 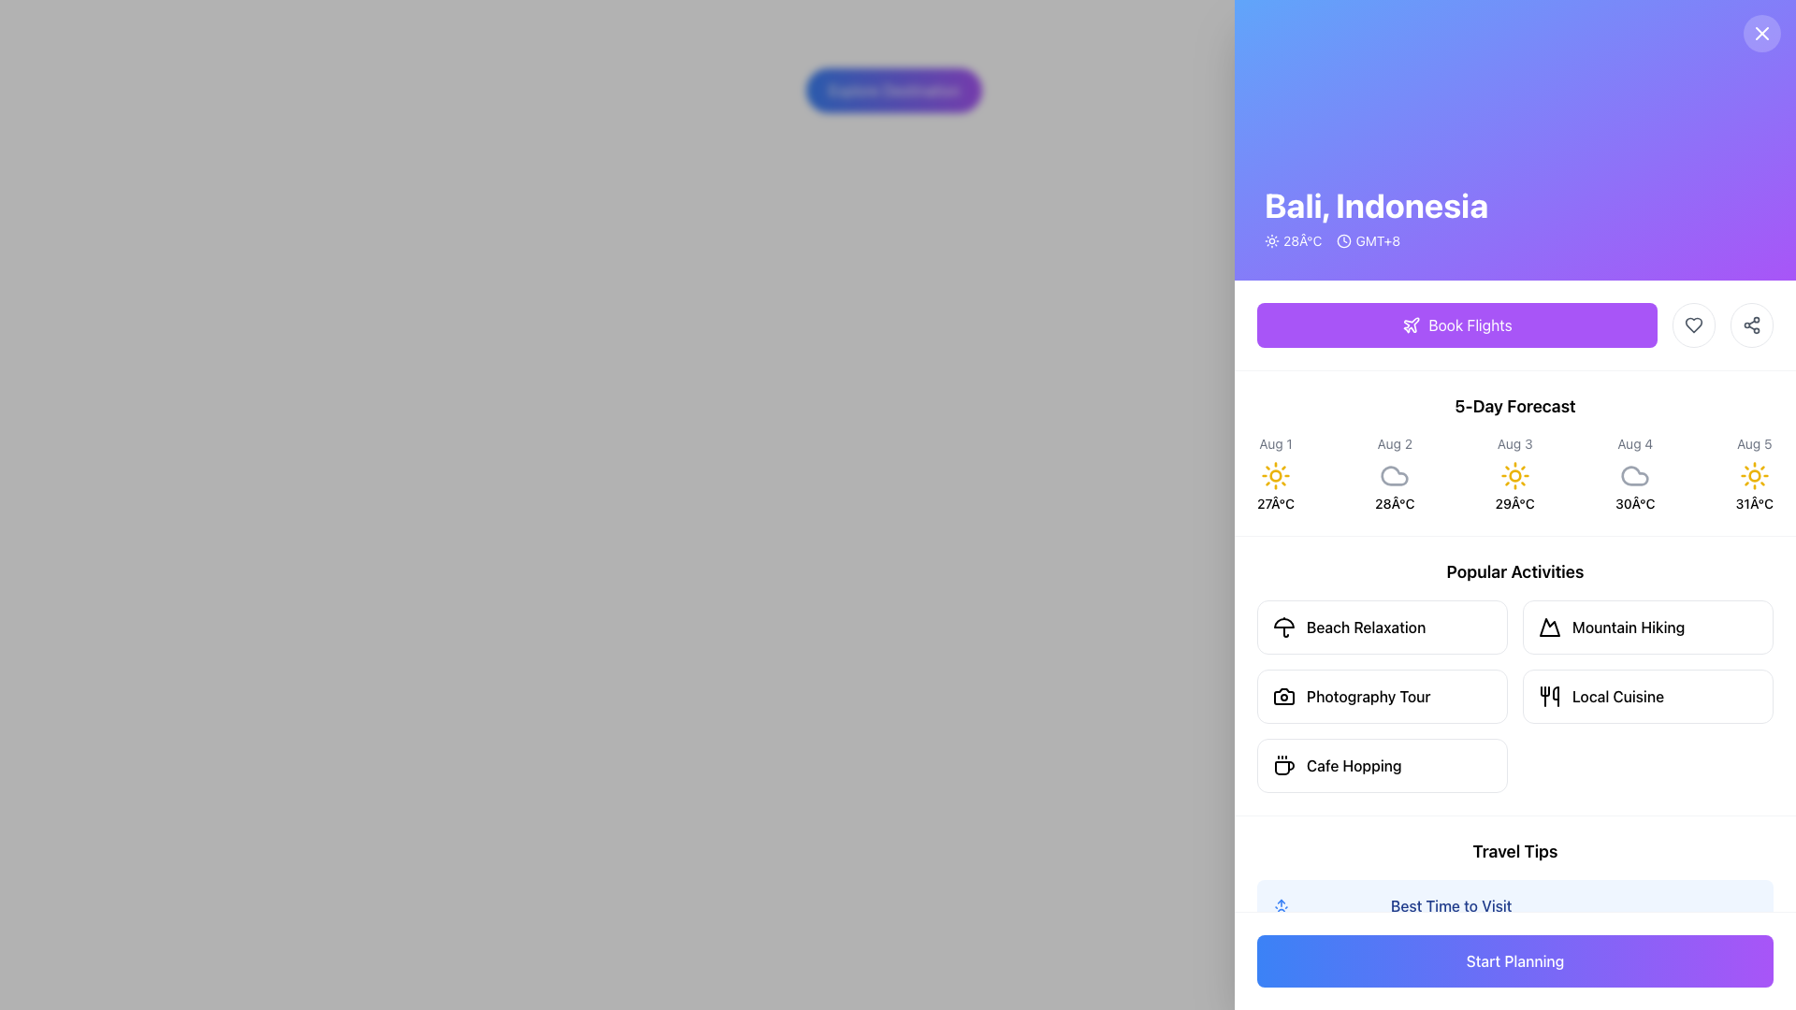 What do you see at coordinates (1343, 240) in the screenshot?
I see `the small clock icon, which is an SVG representation located in the top section of the interface, between the temperature display and the text 'GMT+8'` at bounding box center [1343, 240].